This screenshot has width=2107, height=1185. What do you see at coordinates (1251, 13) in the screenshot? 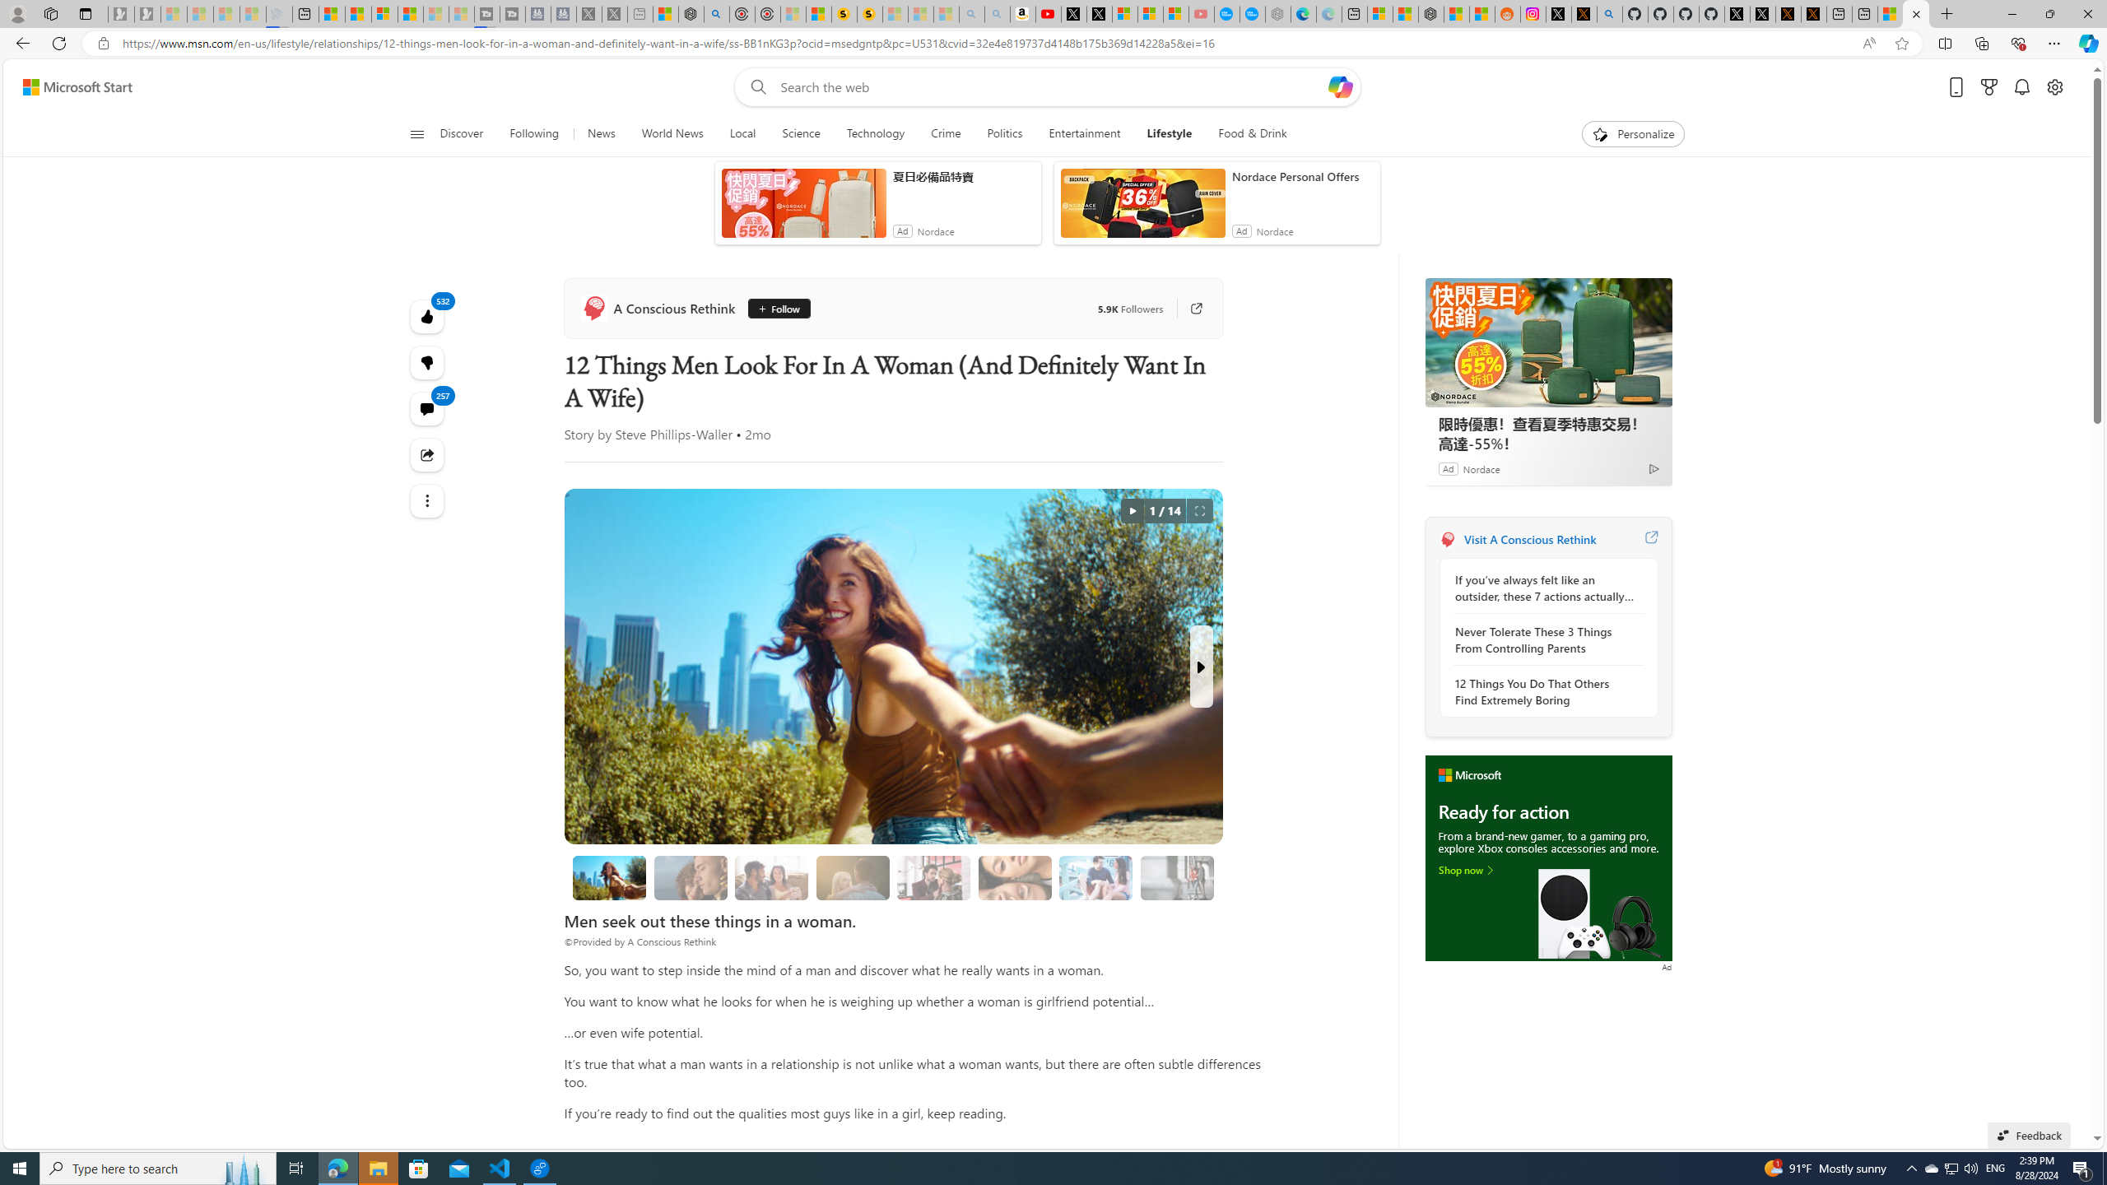
I see `'The most popular Google '` at bounding box center [1251, 13].